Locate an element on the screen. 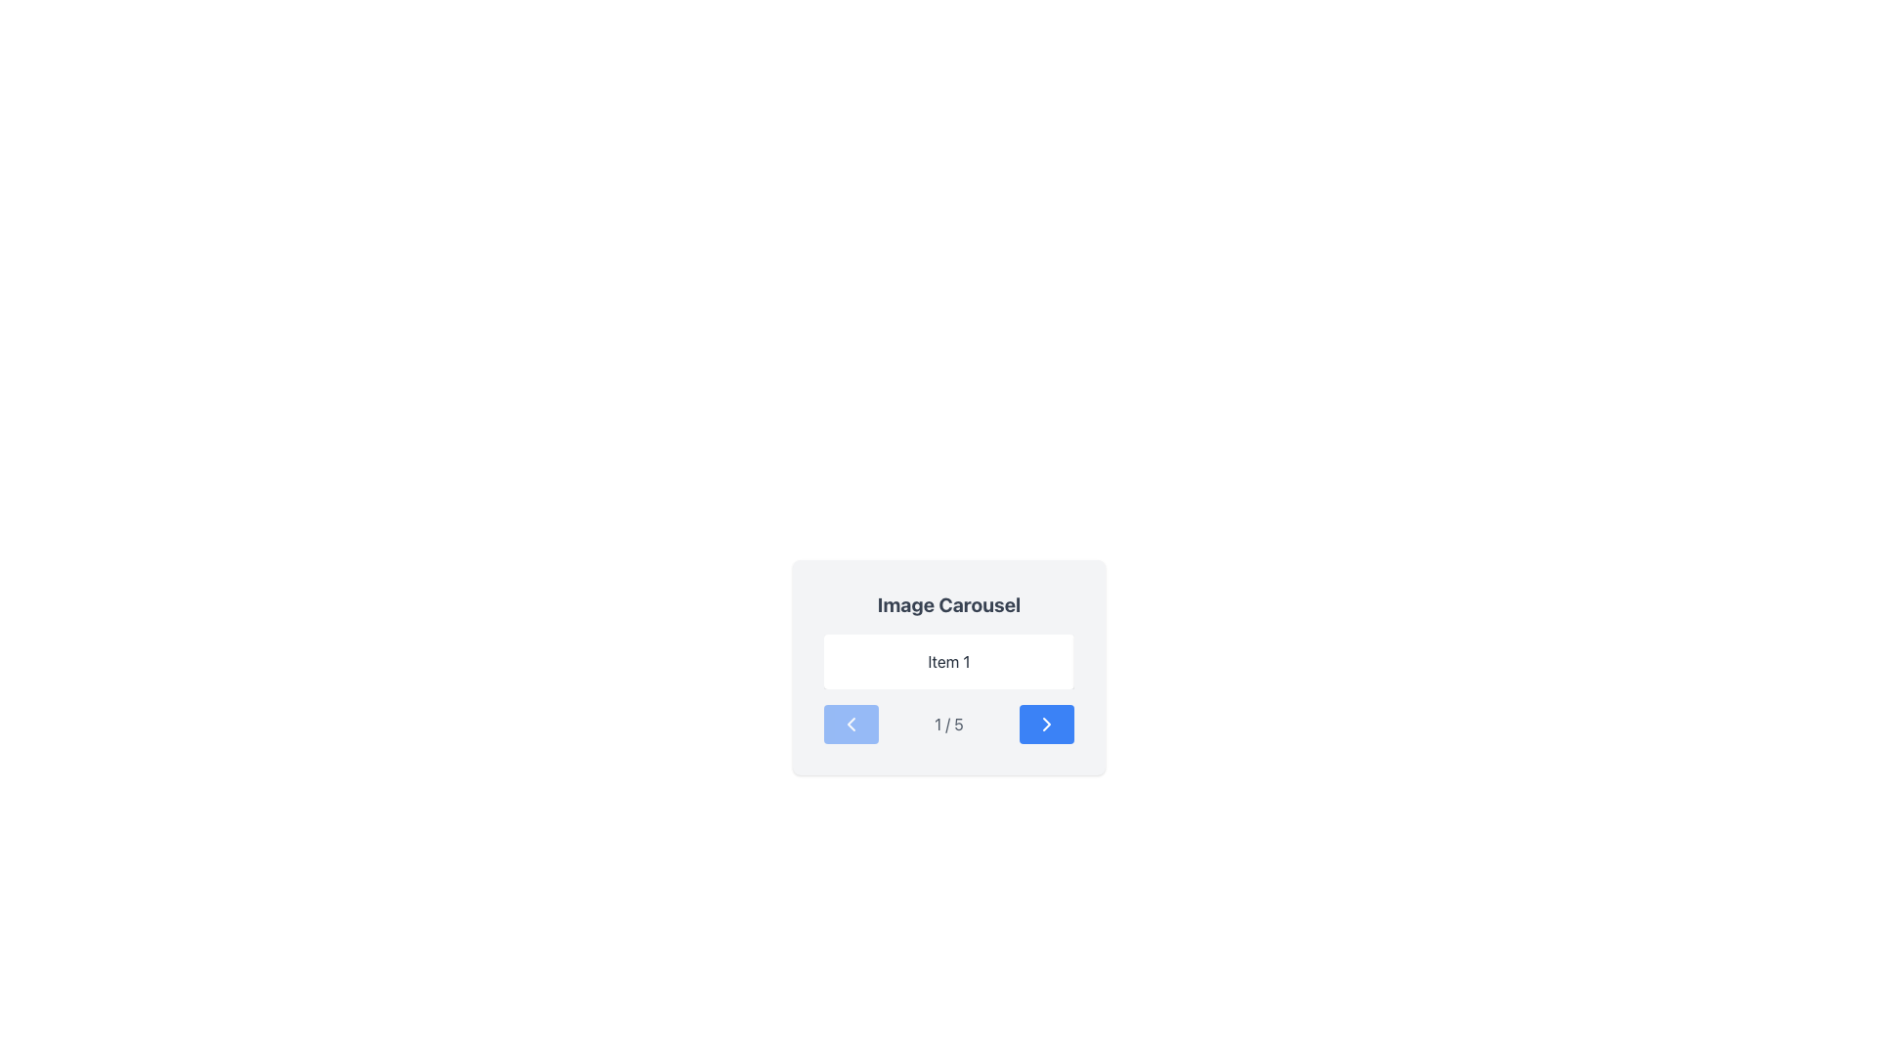 This screenshot has width=1877, height=1056. the right-pointing arrow icon located inside the blue button on the right side of the horizontal navigation control section of the image carousel is located at coordinates (1045, 724).